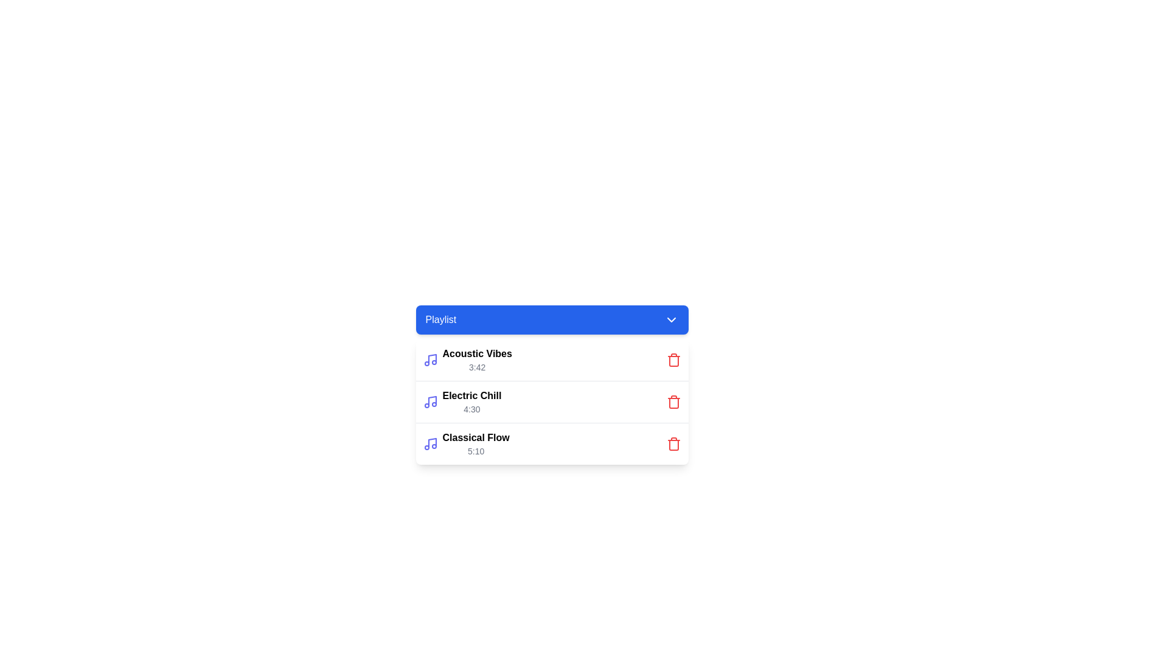 Image resolution: width=1168 pixels, height=657 pixels. What do you see at coordinates (432, 443) in the screenshot?
I see `the musical note icon representing the playlist item 'Classical Flow', which is located at the bottom-most row of the playlist interface` at bounding box center [432, 443].